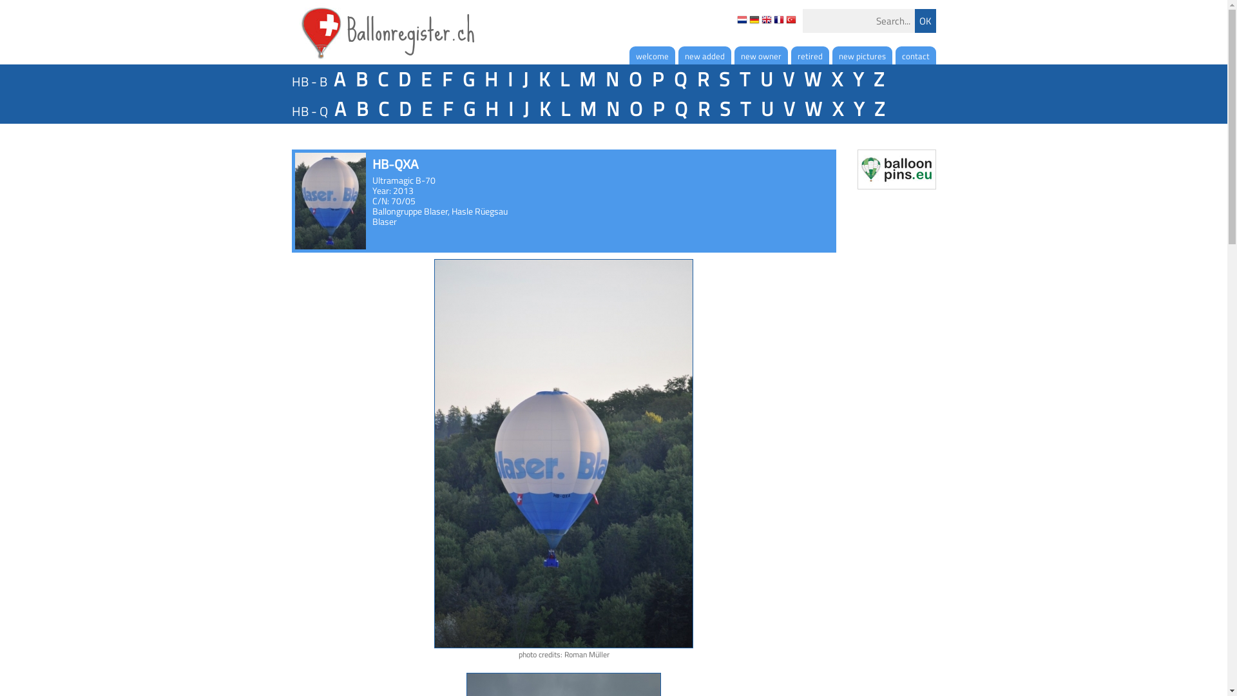 This screenshot has height=696, width=1237. I want to click on 'O', so click(624, 108).